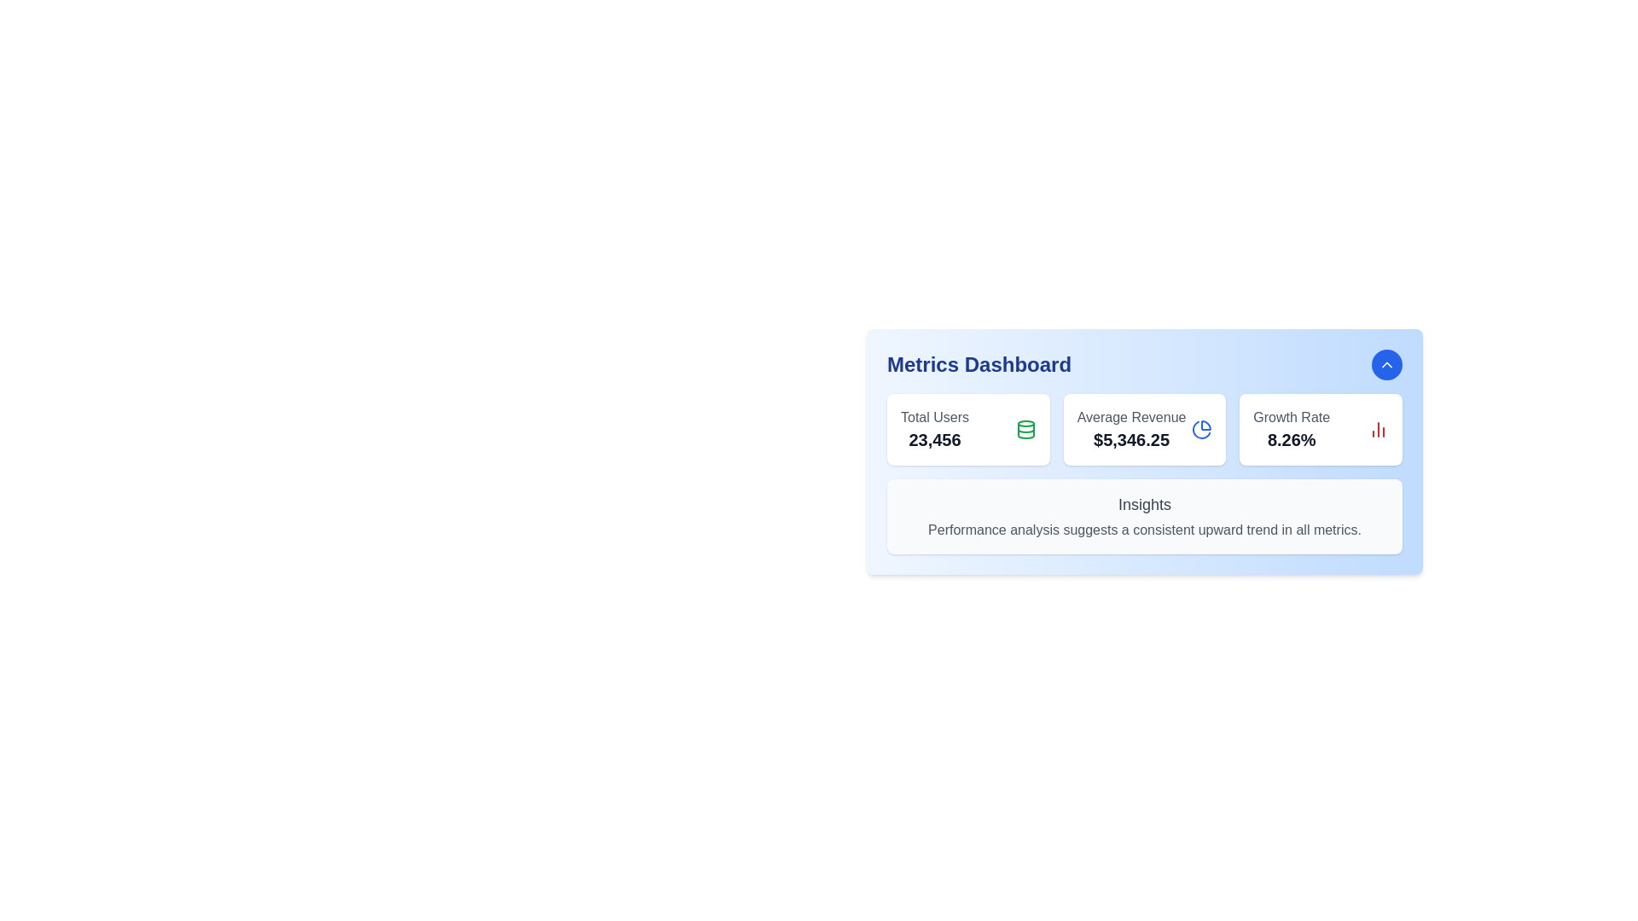 This screenshot has height=921, width=1638. I want to click on the rightmost card in the 'Metrics Dashboard' section that displays the growth rate metric, which includes a percentage and an icon, so click(1320, 429).